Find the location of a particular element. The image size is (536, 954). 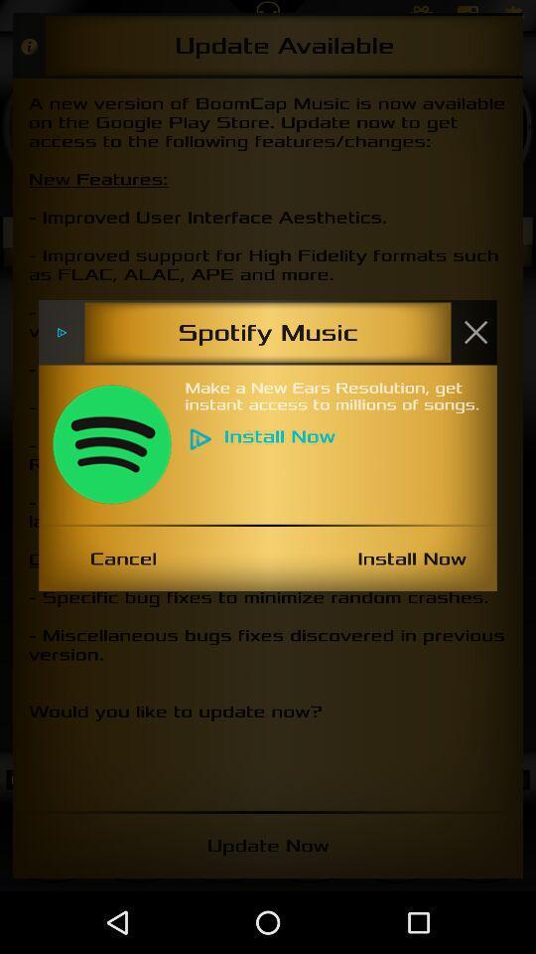

x is located at coordinates (474, 332).